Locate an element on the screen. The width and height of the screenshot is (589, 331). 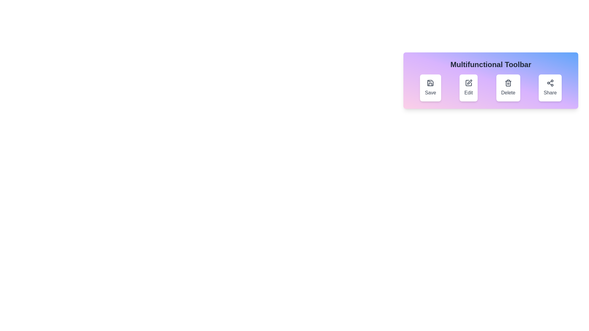
the 'Multifunctional Toolbar' header text is located at coordinates (490, 65).